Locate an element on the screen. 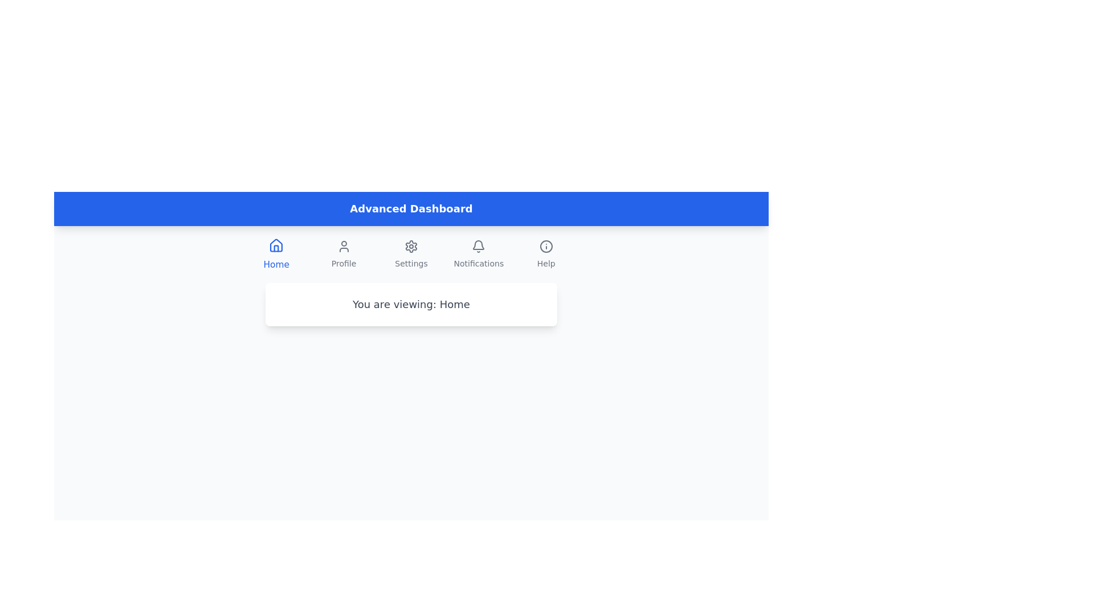 This screenshot has height=615, width=1094. the notification icon located in the horizontal navigation bar, which is the fourth item from the left, positioned next to the Settings gear icon on the left and the Help icon on the right is located at coordinates (479, 244).